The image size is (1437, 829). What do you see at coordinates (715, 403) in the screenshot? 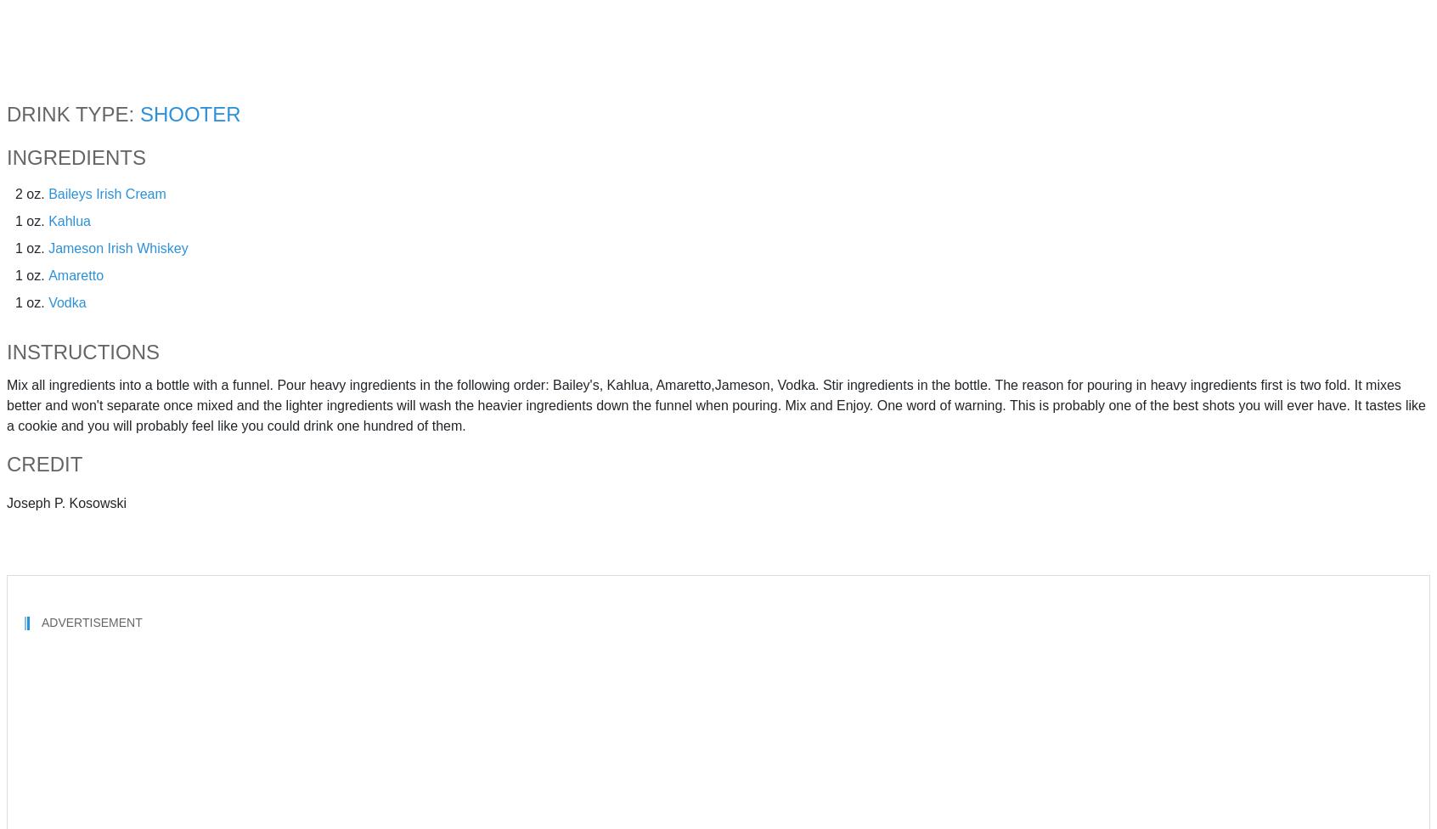
I see `'Mix all ingredients into a bottle with a funnel. Pour heavy ingredients in the following order: Bailey's, Kahlua, Amaretto,Jameson, Vodka.  Stir ingredients in the bottle.  The reason for pouring in heavy ingredients first is two fold.  It mixes better and won't separate once mixed and the lighter ingredients will wash the heavier ingredients down the funnel when pouring.  Mix and Enjoy.  One word of warning.  This is probably one of the best shots you will ever have. It tastes like a cookie and you will probably feel like you could drink one hundred of them.'` at bounding box center [715, 403].